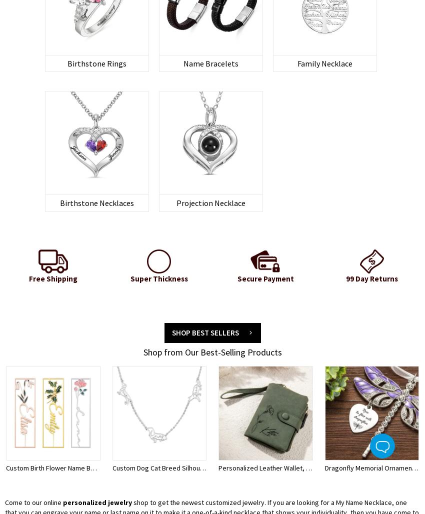  I want to click on 'Birthstone Necklaces', so click(59, 202).